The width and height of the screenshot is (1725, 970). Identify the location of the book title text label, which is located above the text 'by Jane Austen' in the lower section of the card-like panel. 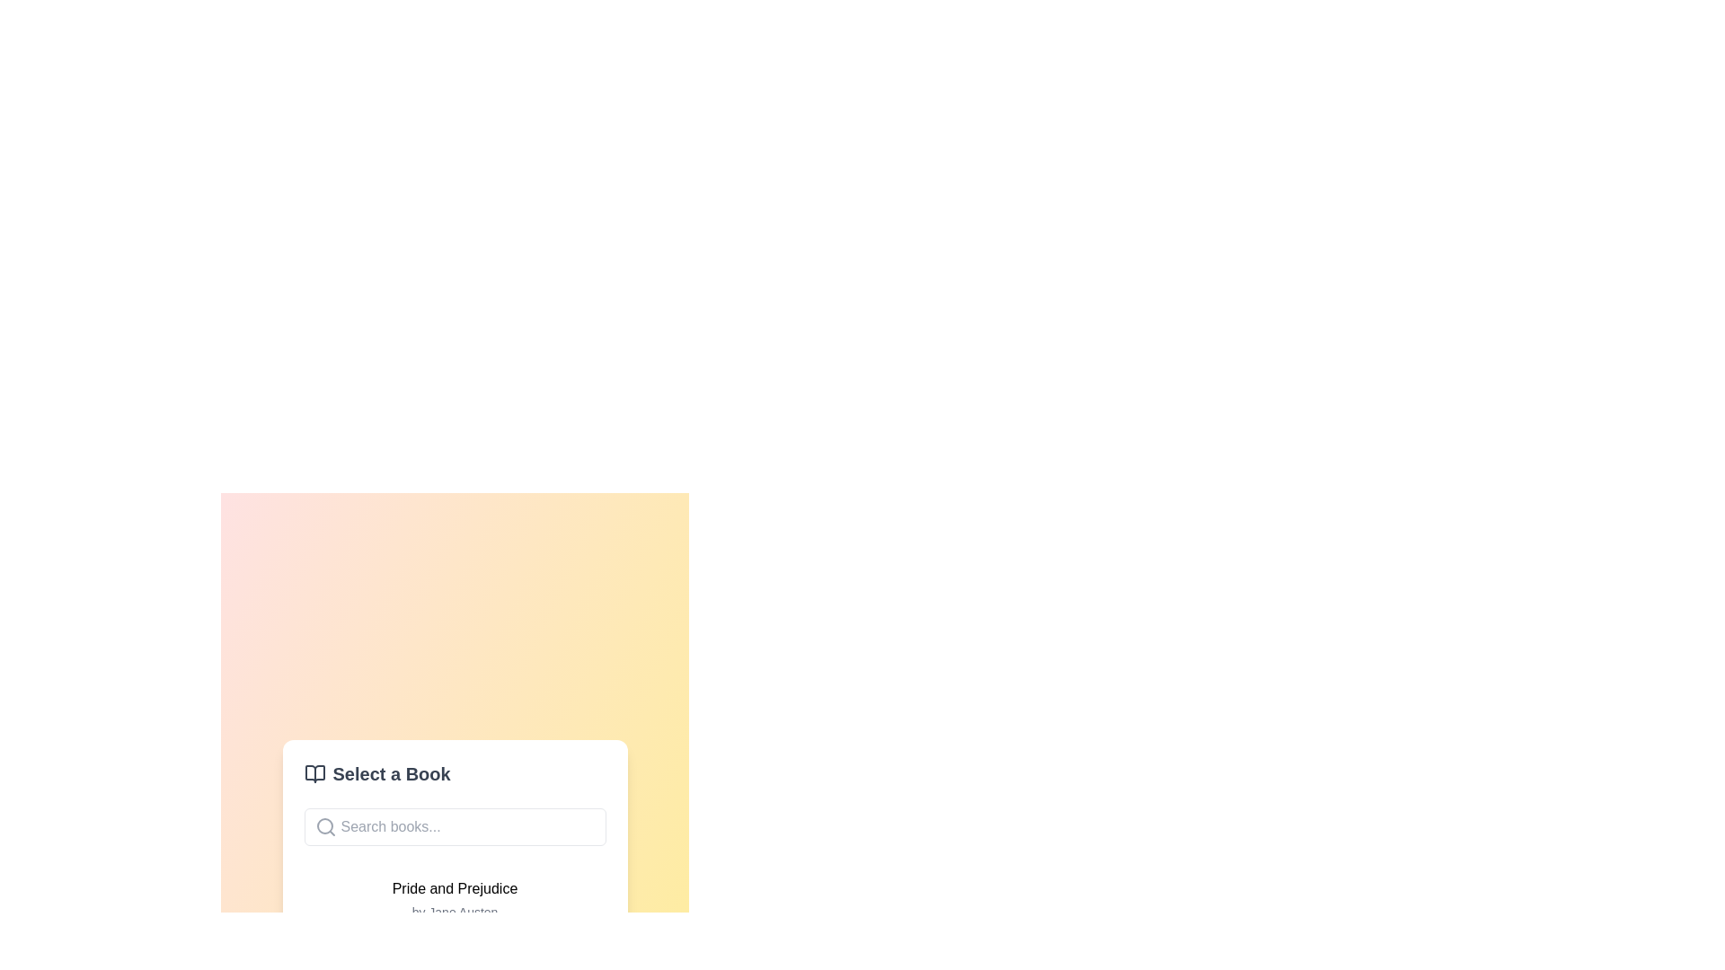
(455, 889).